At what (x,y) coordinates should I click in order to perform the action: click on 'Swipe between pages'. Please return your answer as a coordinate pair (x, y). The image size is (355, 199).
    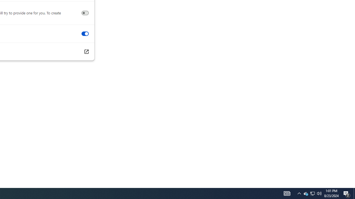
    Looking at the image, I should click on (85, 34).